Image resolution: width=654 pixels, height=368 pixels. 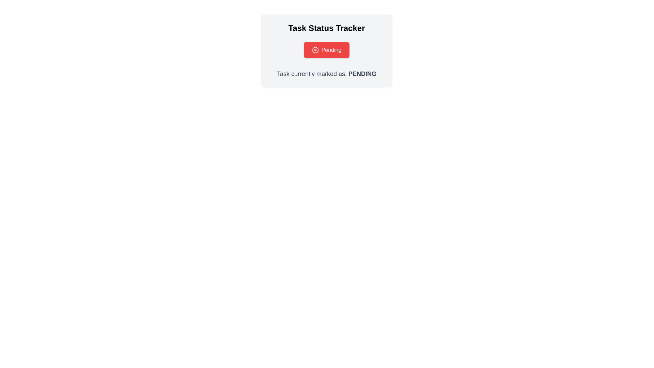 I want to click on the status indicator button labeled 'Pending' located below the 'Task Status Tracker' heading, so click(x=326, y=49).